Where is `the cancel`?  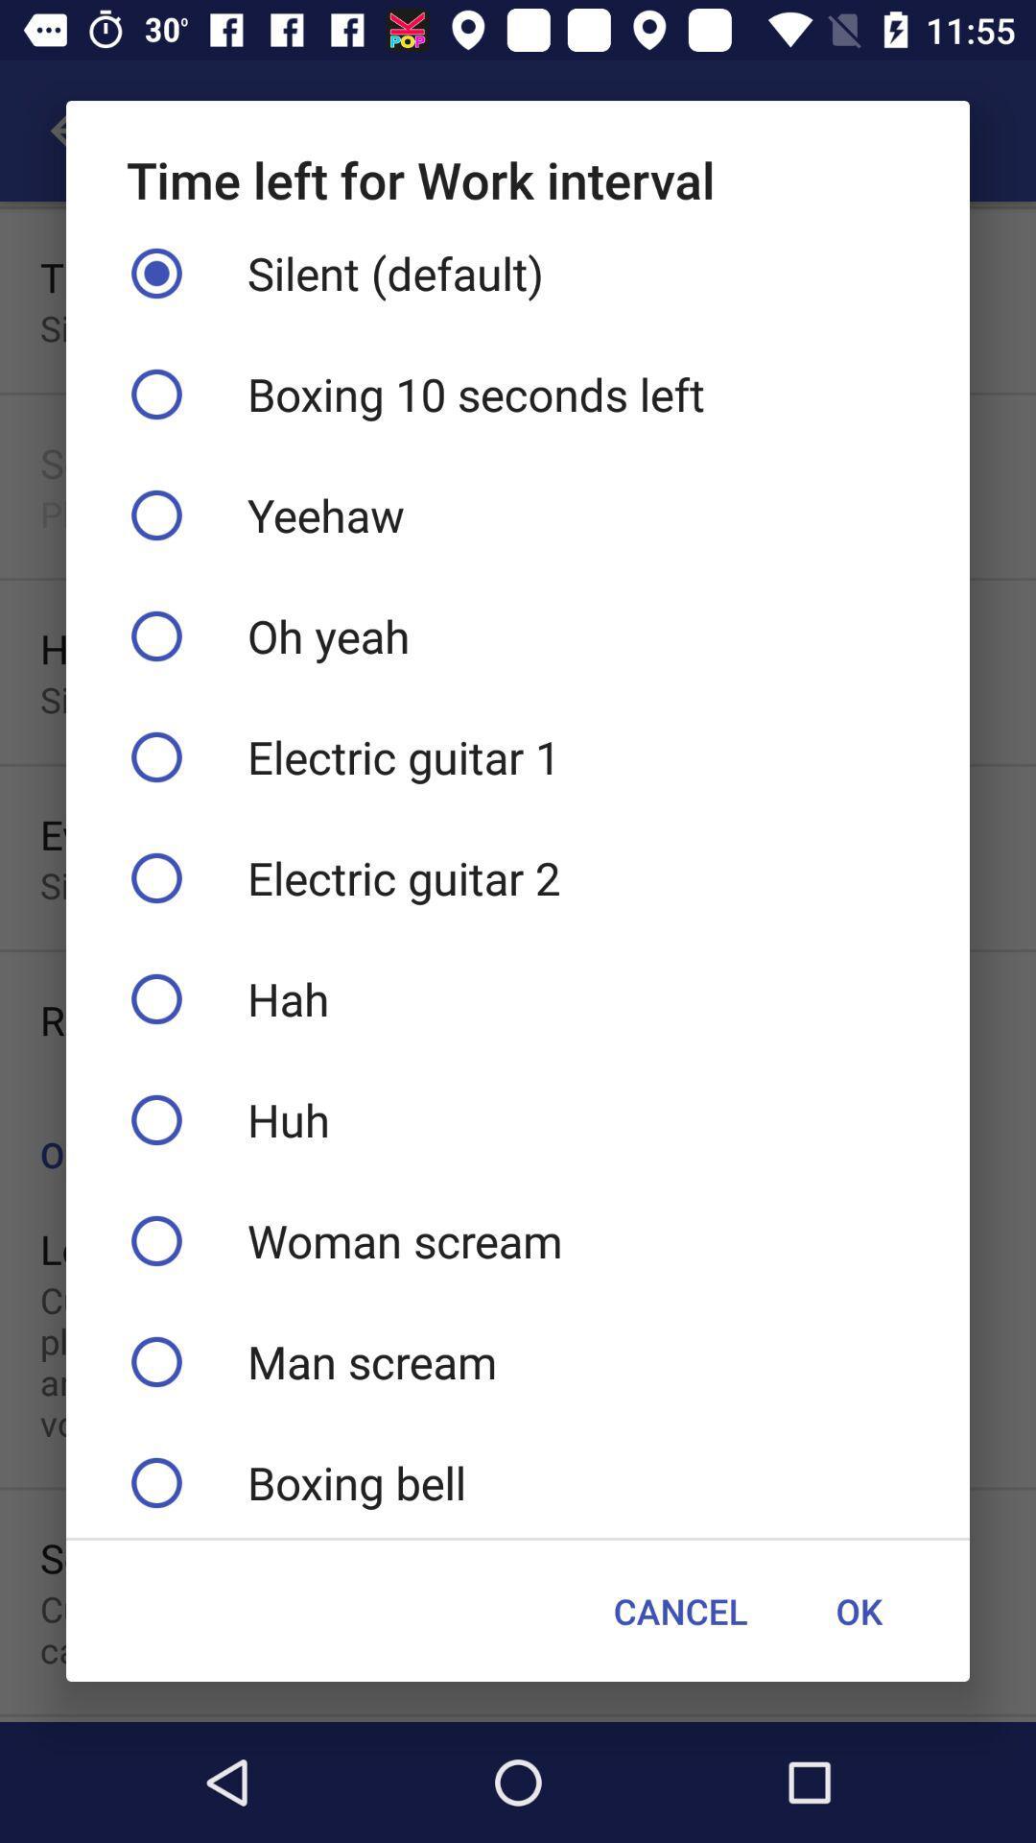 the cancel is located at coordinates (679, 1611).